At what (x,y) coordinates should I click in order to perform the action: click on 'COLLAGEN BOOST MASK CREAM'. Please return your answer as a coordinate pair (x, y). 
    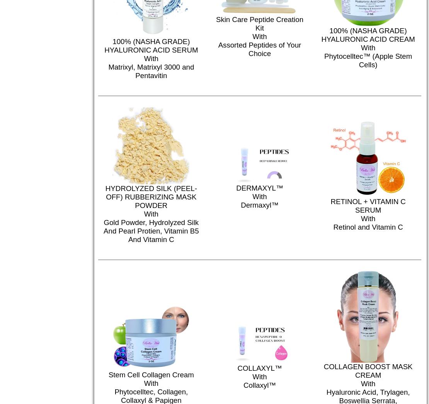
    Looking at the image, I should click on (368, 370).